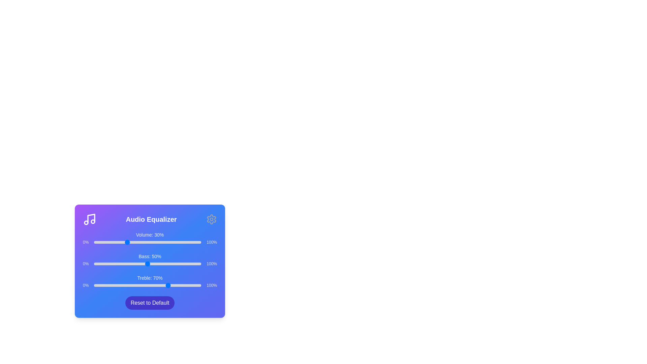  What do you see at coordinates (211, 219) in the screenshot?
I see `the settings icon in the AudioEqualizerPanel` at bounding box center [211, 219].